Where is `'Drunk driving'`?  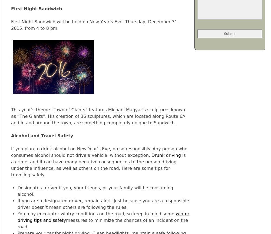 'Drunk driving' is located at coordinates (166, 155).